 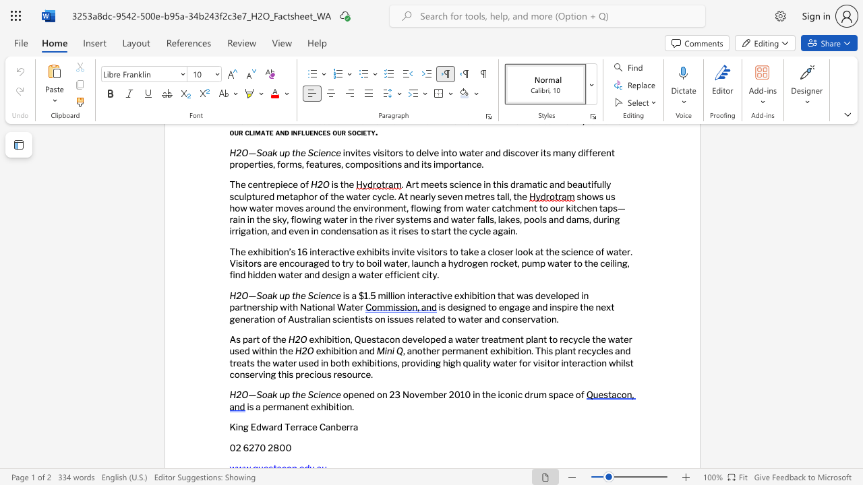 What do you see at coordinates (368, 319) in the screenshot?
I see `the space between the continuous character "t" and "s" in the text` at bounding box center [368, 319].